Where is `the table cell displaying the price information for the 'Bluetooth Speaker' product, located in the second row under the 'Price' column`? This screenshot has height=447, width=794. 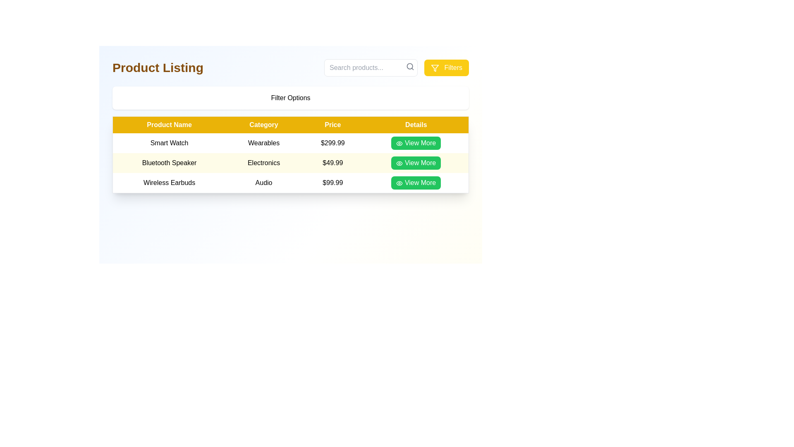 the table cell displaying the price information for the 'Bluetooth Speaker' product, located in the second row under the 'Price' column is located at coordinates (332, 163).